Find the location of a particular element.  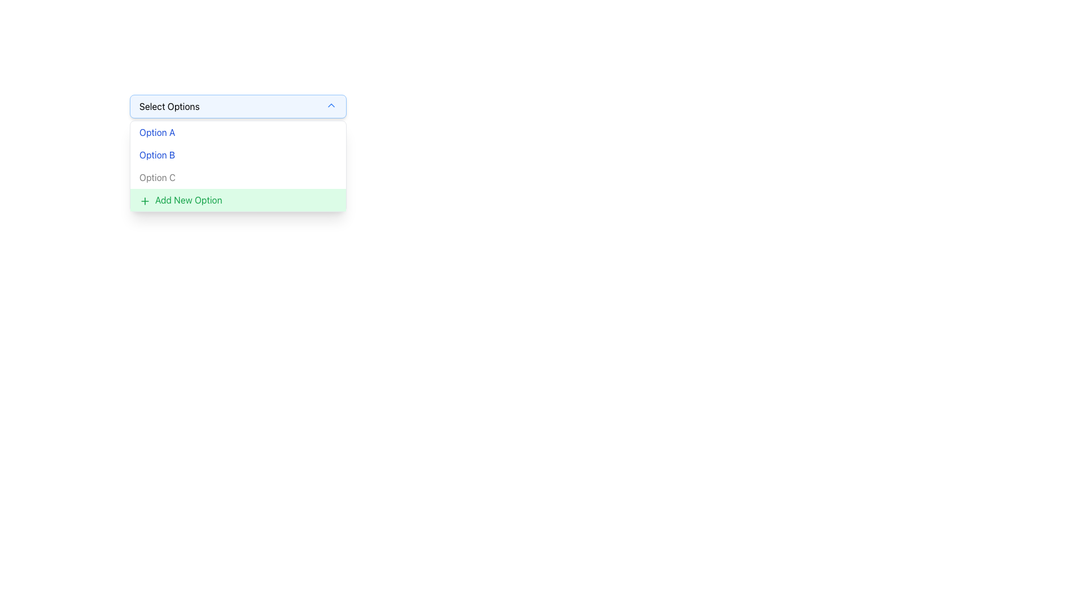

the Dropdown Menu Header which serves as the toggle control for expanding or collapsing the dropdown menu is located at coordinates (238, 107).